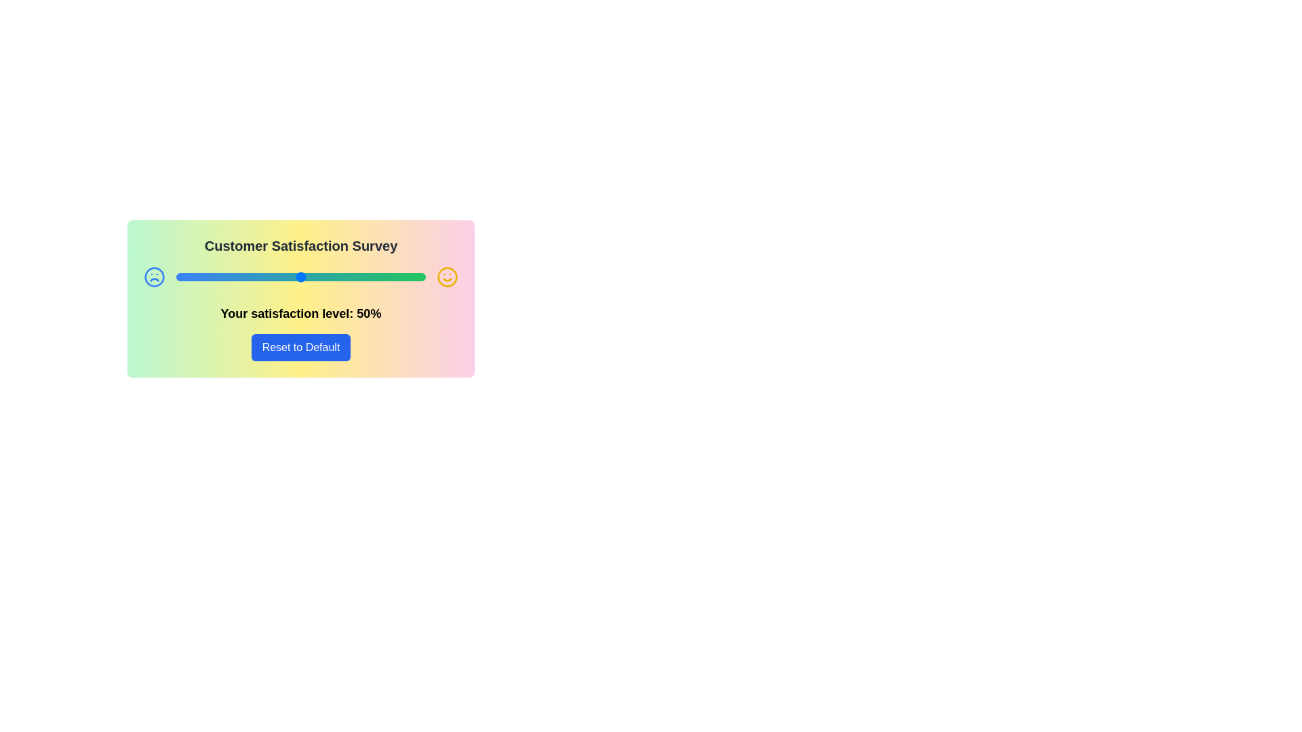 The width and height of the screenshot is (1302, 732). I want to click on the satisfaction slider to set the satisfaction level to 19, so click(223, 276).